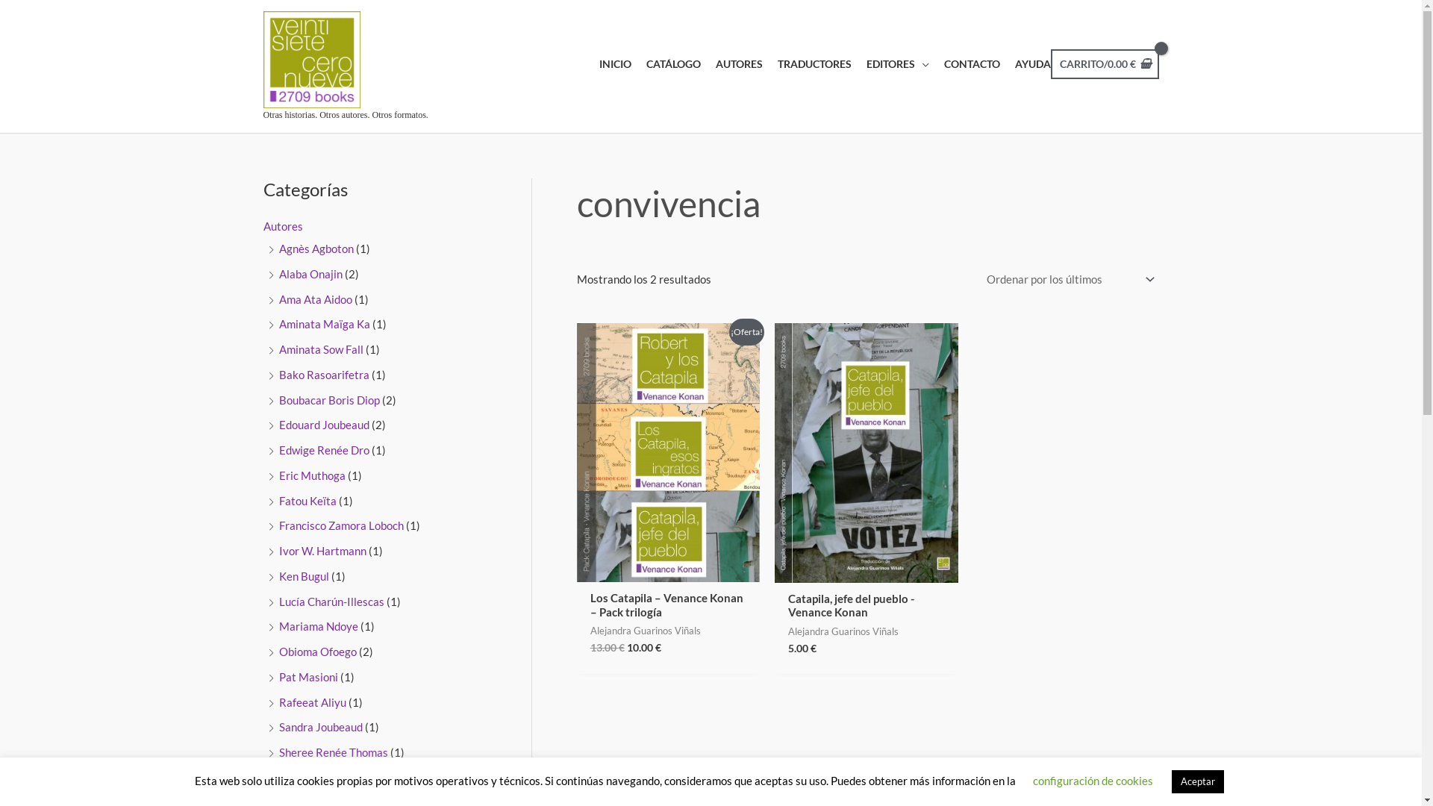 Image resolution: width=1433 pixels, height=806 pixels. Describe the element at coordinates (279, 650) in the screenshot. I see `'Obioma Ofoego'` at that location.